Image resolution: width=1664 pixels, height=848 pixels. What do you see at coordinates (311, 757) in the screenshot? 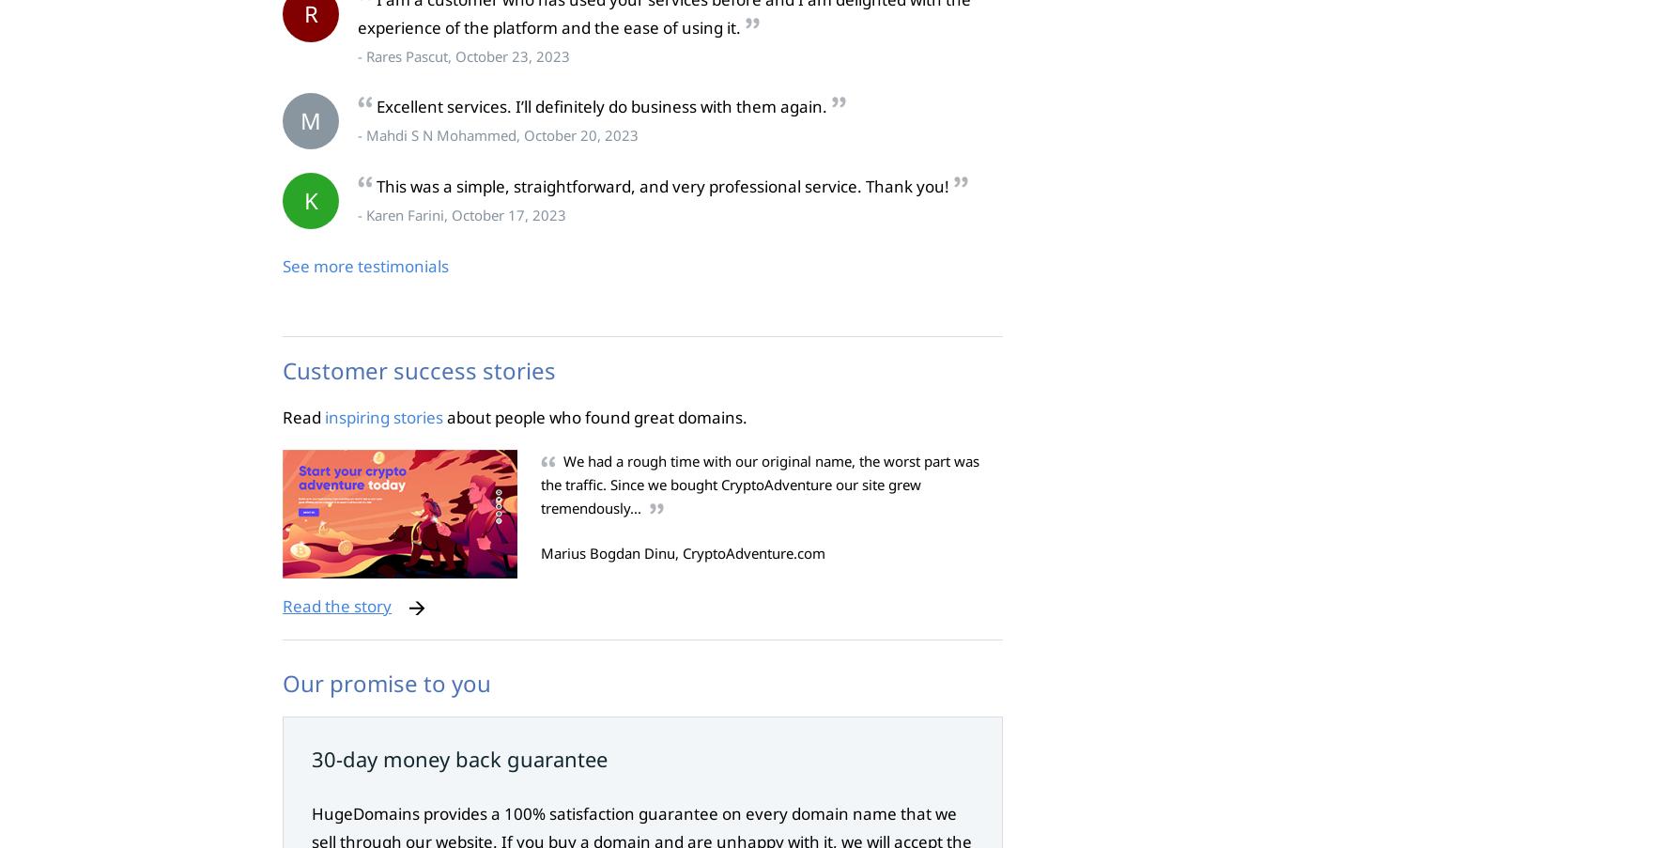
I see `'30-day money back guarantee'` at bounding box center [311, 757].